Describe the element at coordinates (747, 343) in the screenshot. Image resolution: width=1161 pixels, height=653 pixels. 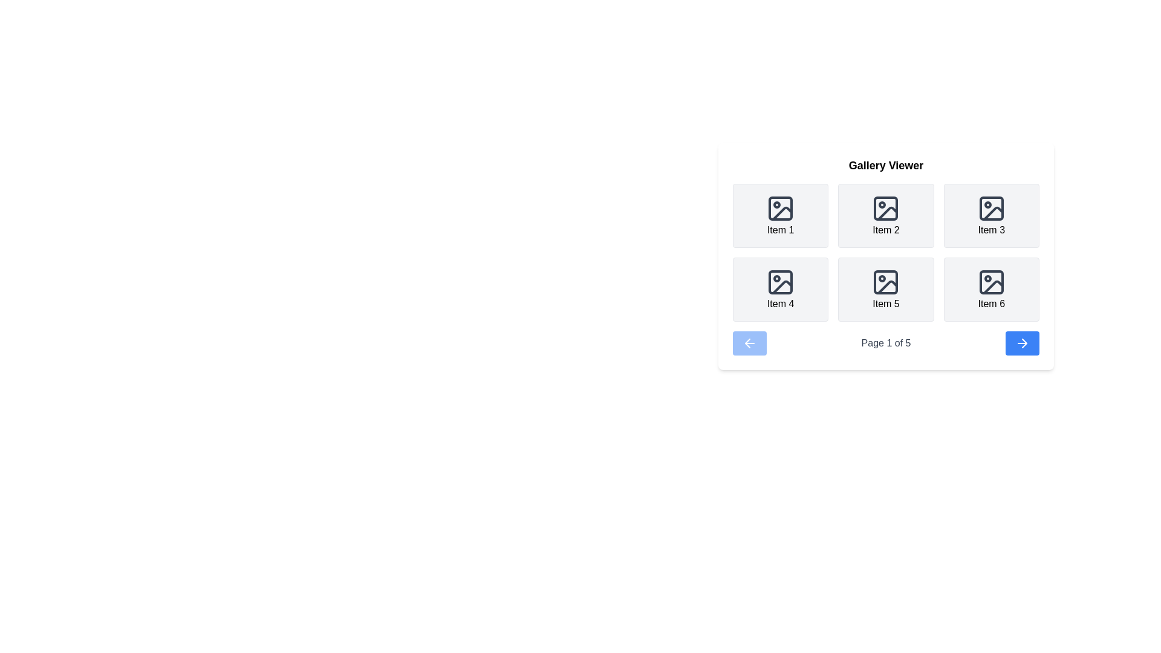
I see `the leftward arrow icon, which is the left navigation button located to the left of the 'Page 1 of 5' text in the bottom row of the interface` at that location.